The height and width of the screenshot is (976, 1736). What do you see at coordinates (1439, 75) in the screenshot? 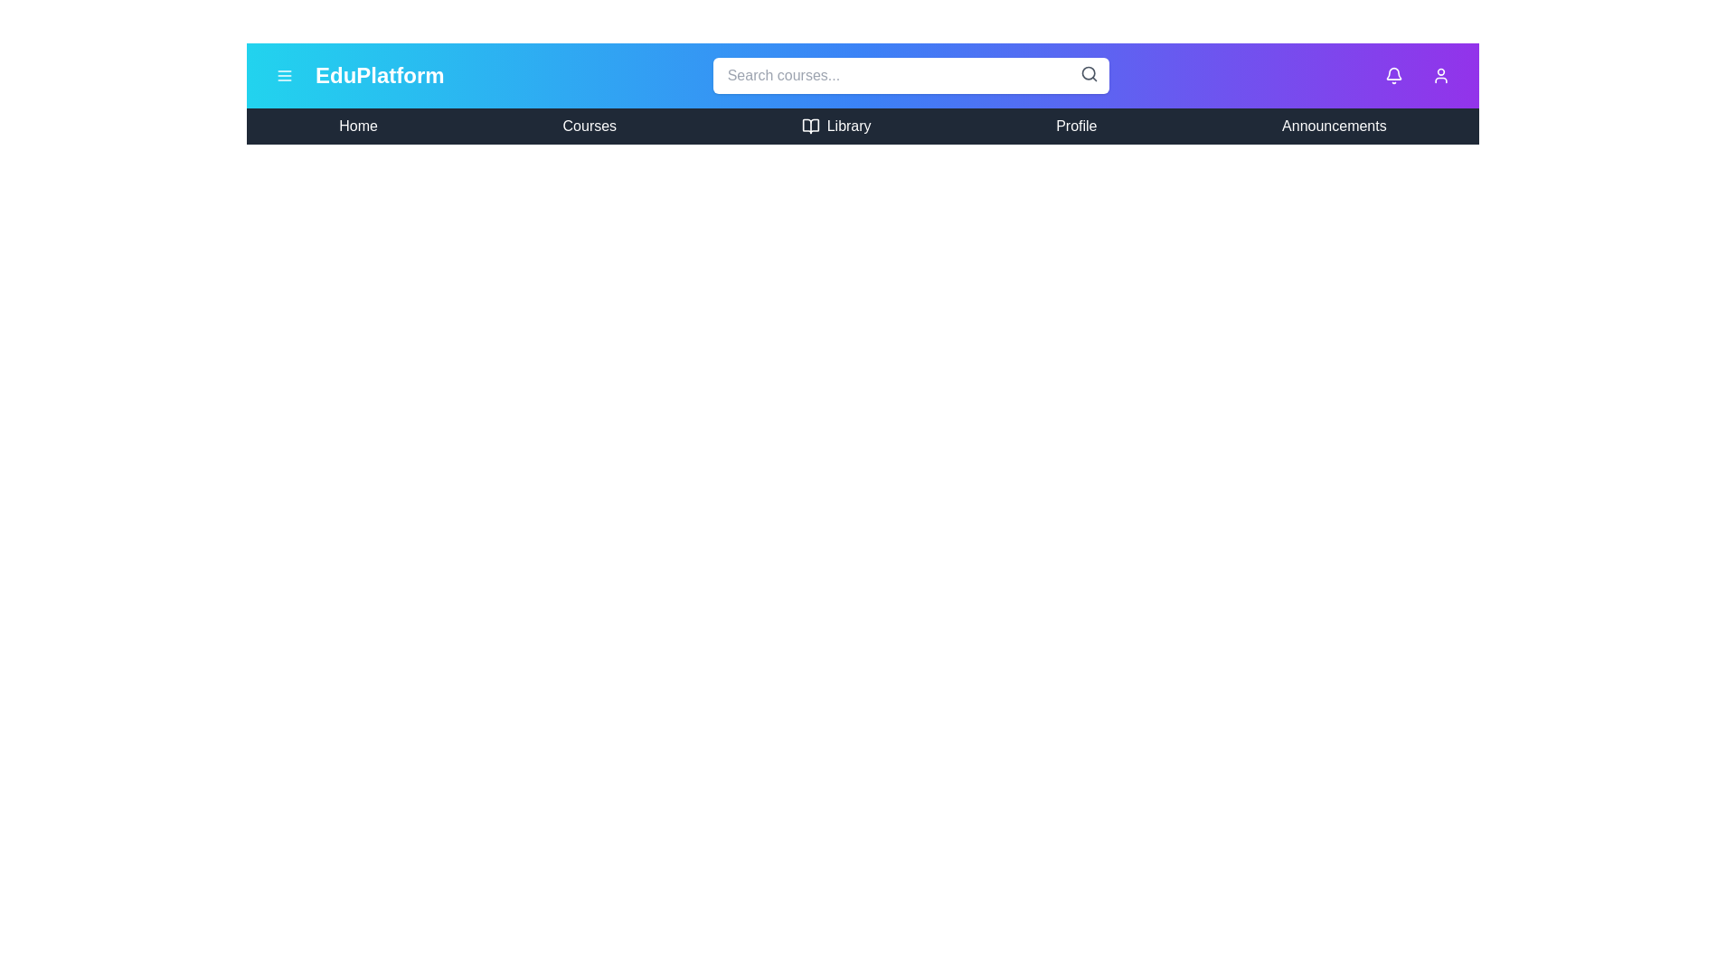
I see `the user icon to open the user profile` at bounding box center [1439, 75].